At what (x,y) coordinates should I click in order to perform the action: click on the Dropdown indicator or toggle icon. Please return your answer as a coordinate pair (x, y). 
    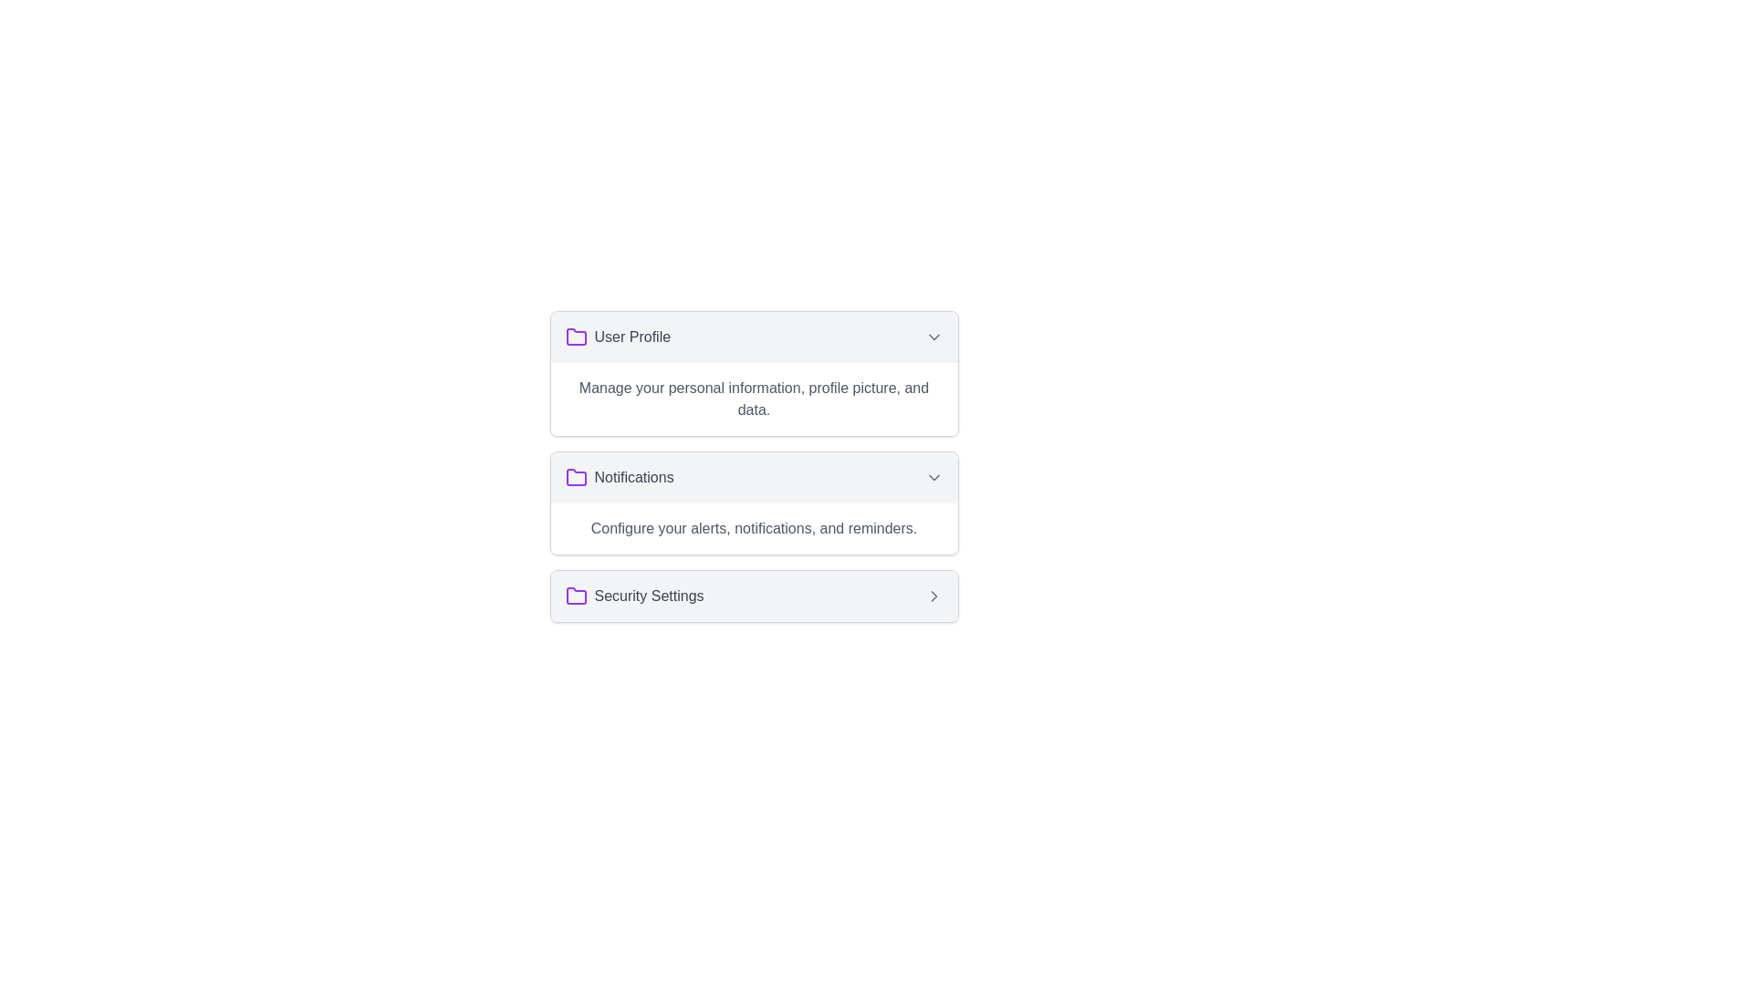
    Looking at the image, I should click on (933, 477).